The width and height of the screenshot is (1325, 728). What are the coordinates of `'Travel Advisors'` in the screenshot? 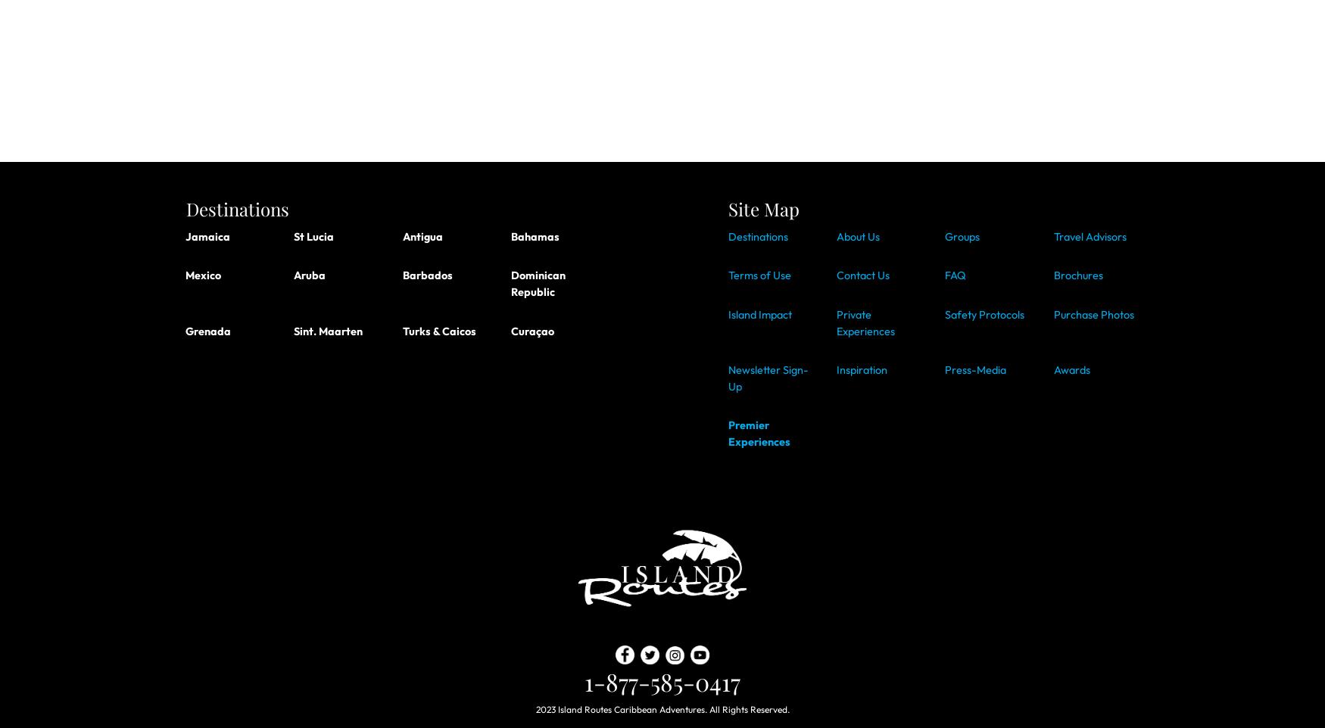 It's located at (1090, 235).